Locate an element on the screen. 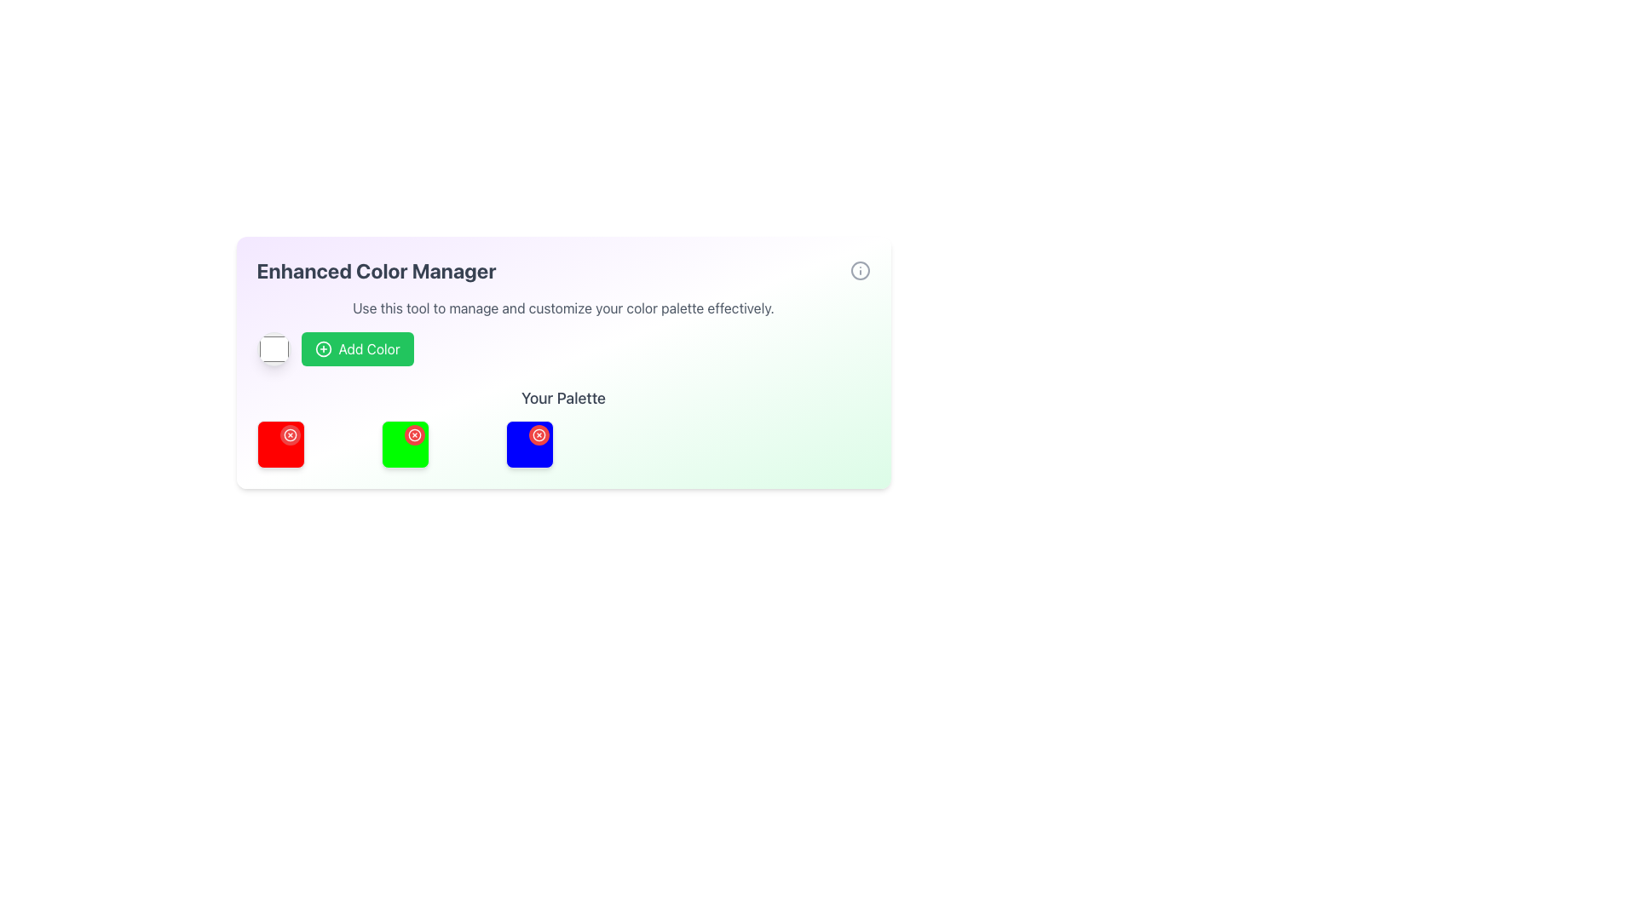 This screenshot has height=920, width=1636. the red circular button located at the top-right corner of the colored square is located at coordinates (414, 434).